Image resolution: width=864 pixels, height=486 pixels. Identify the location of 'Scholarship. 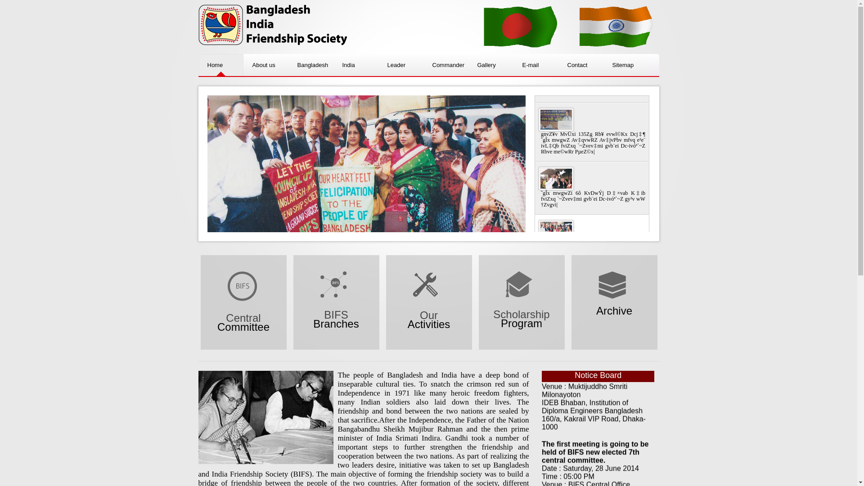
(522, 310).